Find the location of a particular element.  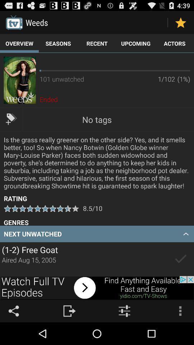

advertisement tags is located at coordinates (11, 119).